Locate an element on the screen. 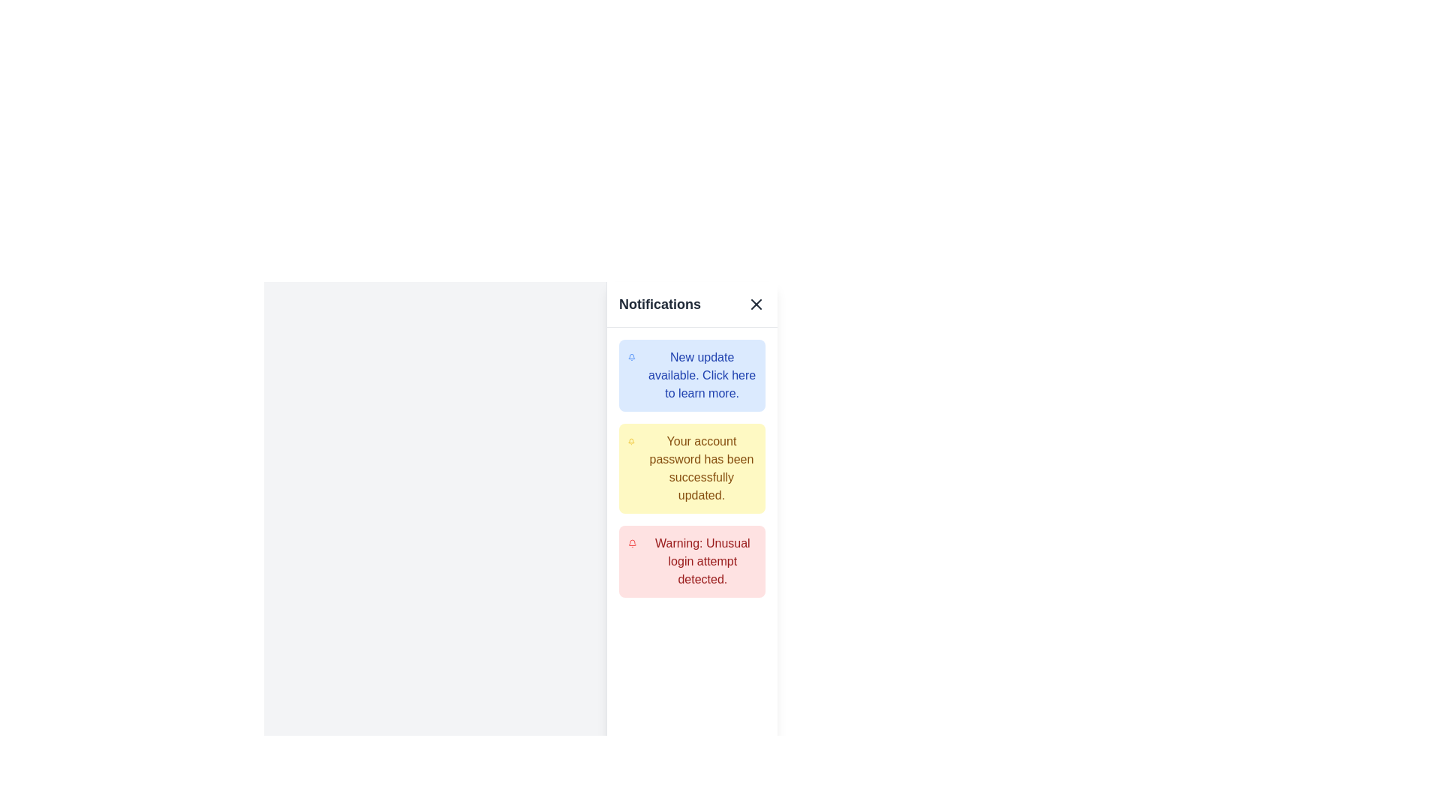 The width and height of the screenshot is (1441, 810). the close button (X icon) located at the top-right corner of the 'Notifications' header is located at coordinates (757, 304).